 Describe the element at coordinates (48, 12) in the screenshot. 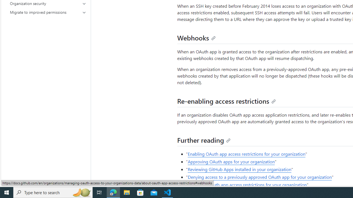

I see `'Migrate to improved permissions'` at that location.